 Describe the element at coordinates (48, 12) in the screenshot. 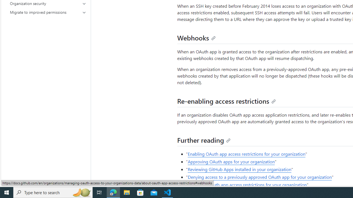

I see `'Migrate to improved permissions'` at that location.